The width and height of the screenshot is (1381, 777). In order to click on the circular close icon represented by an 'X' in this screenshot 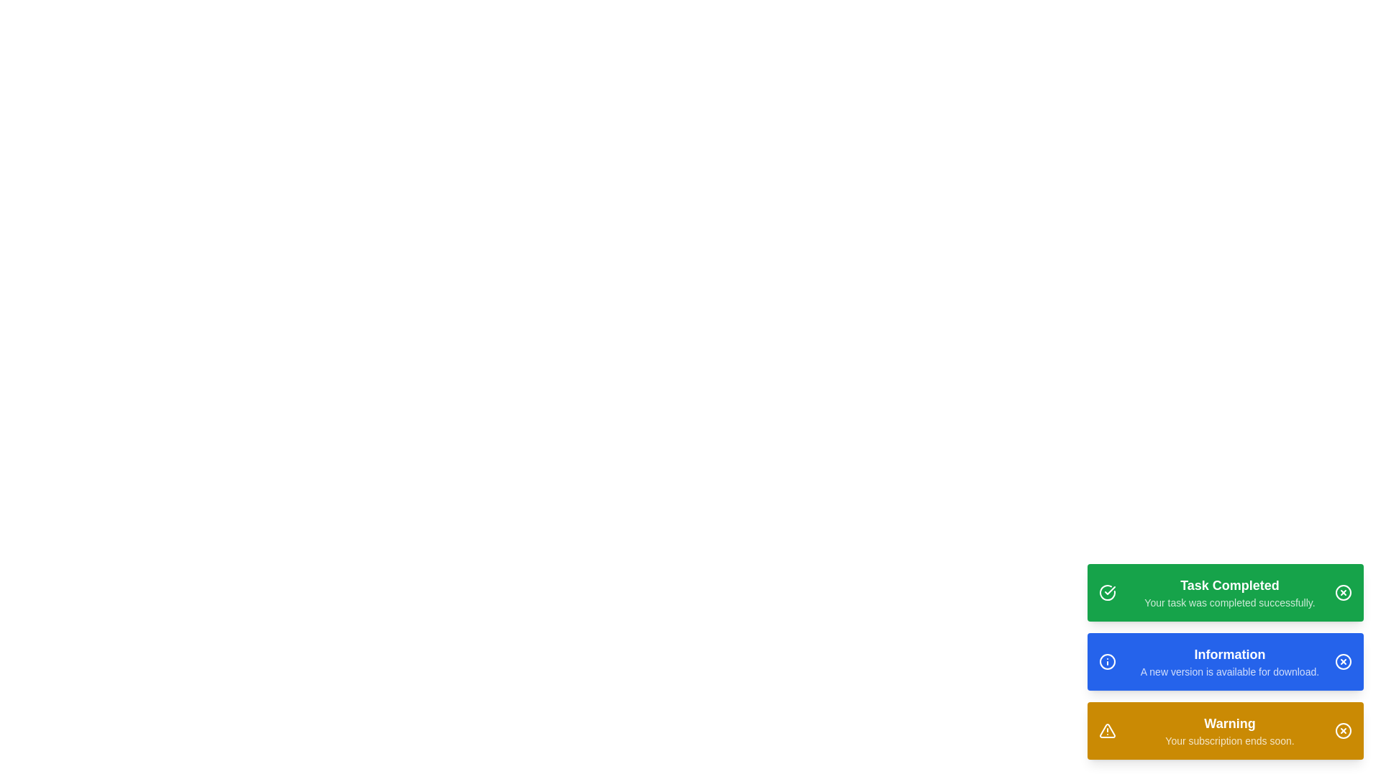, I will do `click(1342, 730)`.